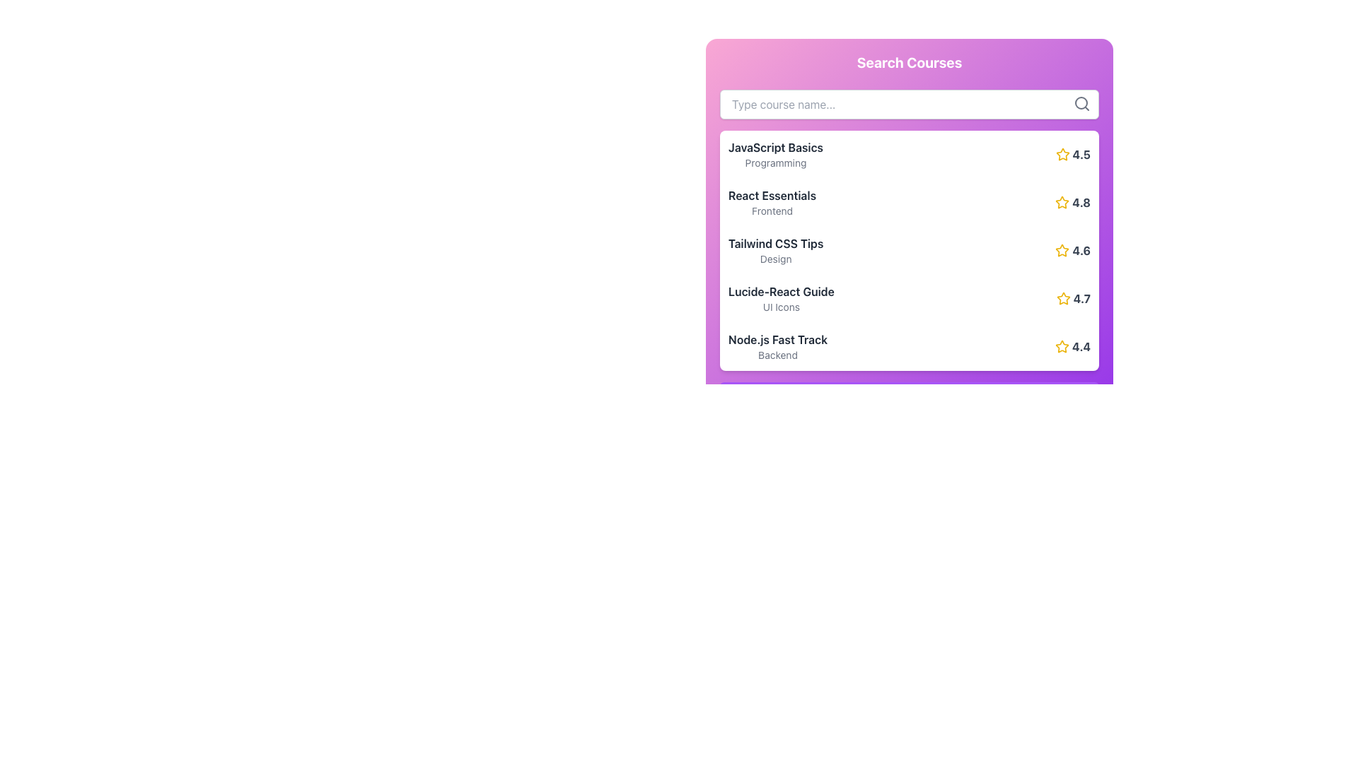 The height and width of the screenshot is (763, 1358). What do you see at coordinates (1062, 346) in the screenshot?
I see `the last star icon in the vertical list to interact with the course rating functionality` at bounding box center [1062, 346].